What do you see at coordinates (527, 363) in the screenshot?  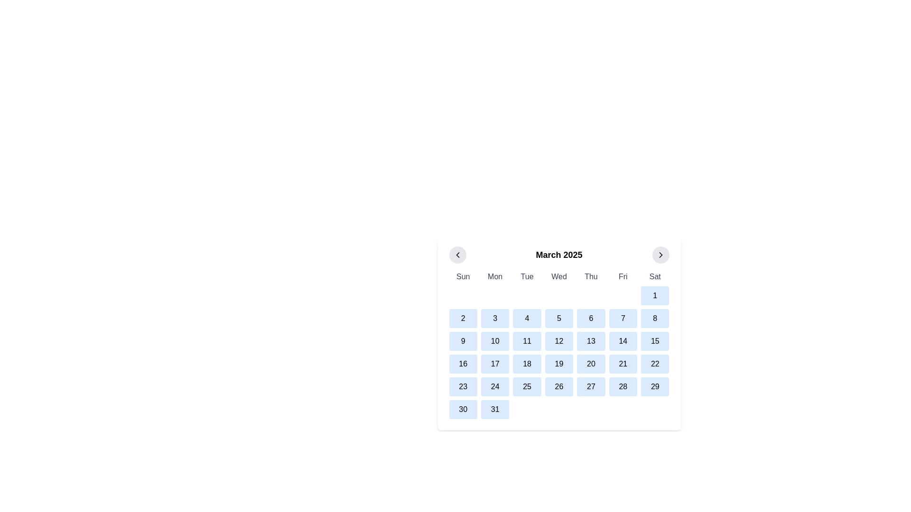 I see `the button representing the date '18' in the calendar, which is a light blue rectangular cell with rounded corners and bold black text` at bounding box center [527, 363].